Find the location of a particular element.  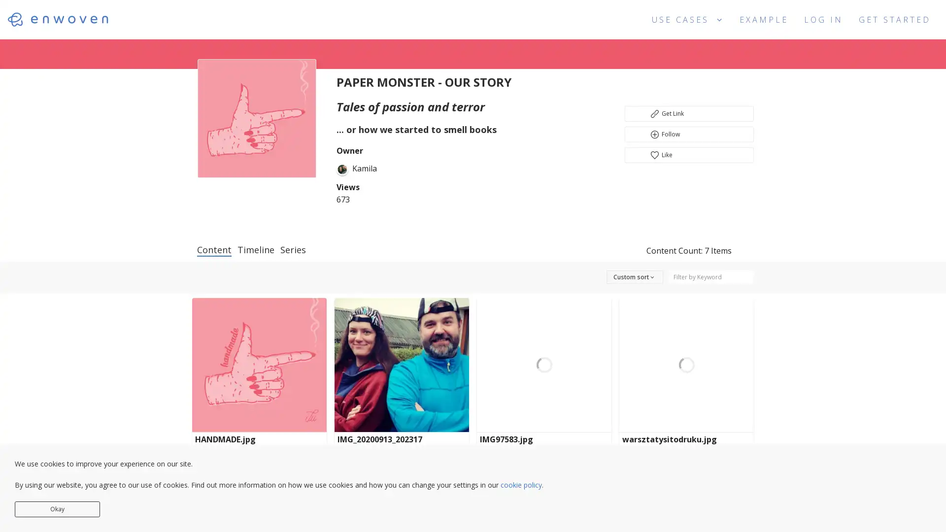

GET STARTED is located at coordinates (894, 19).